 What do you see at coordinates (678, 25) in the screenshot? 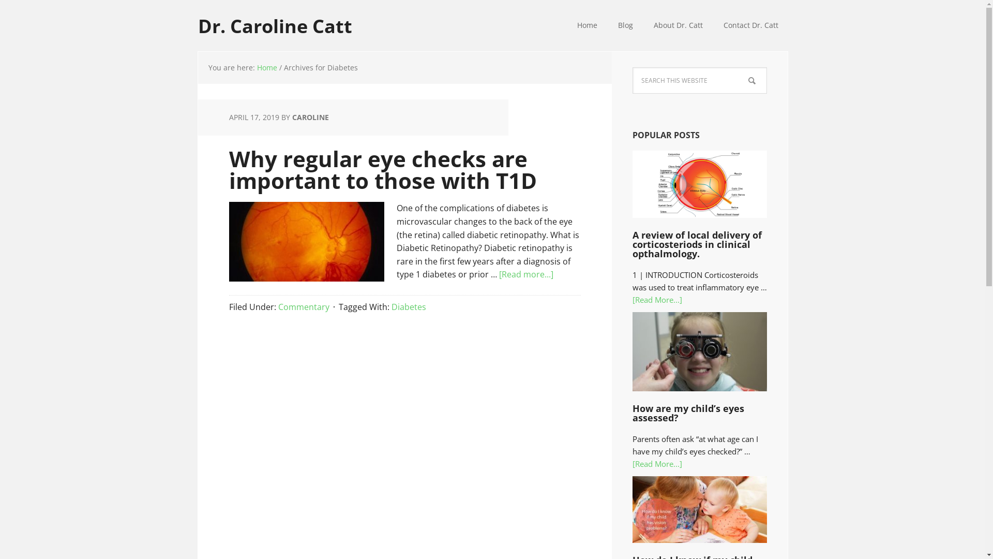
I see `'About Dr. Catt'` at bounding box center [678, 25].